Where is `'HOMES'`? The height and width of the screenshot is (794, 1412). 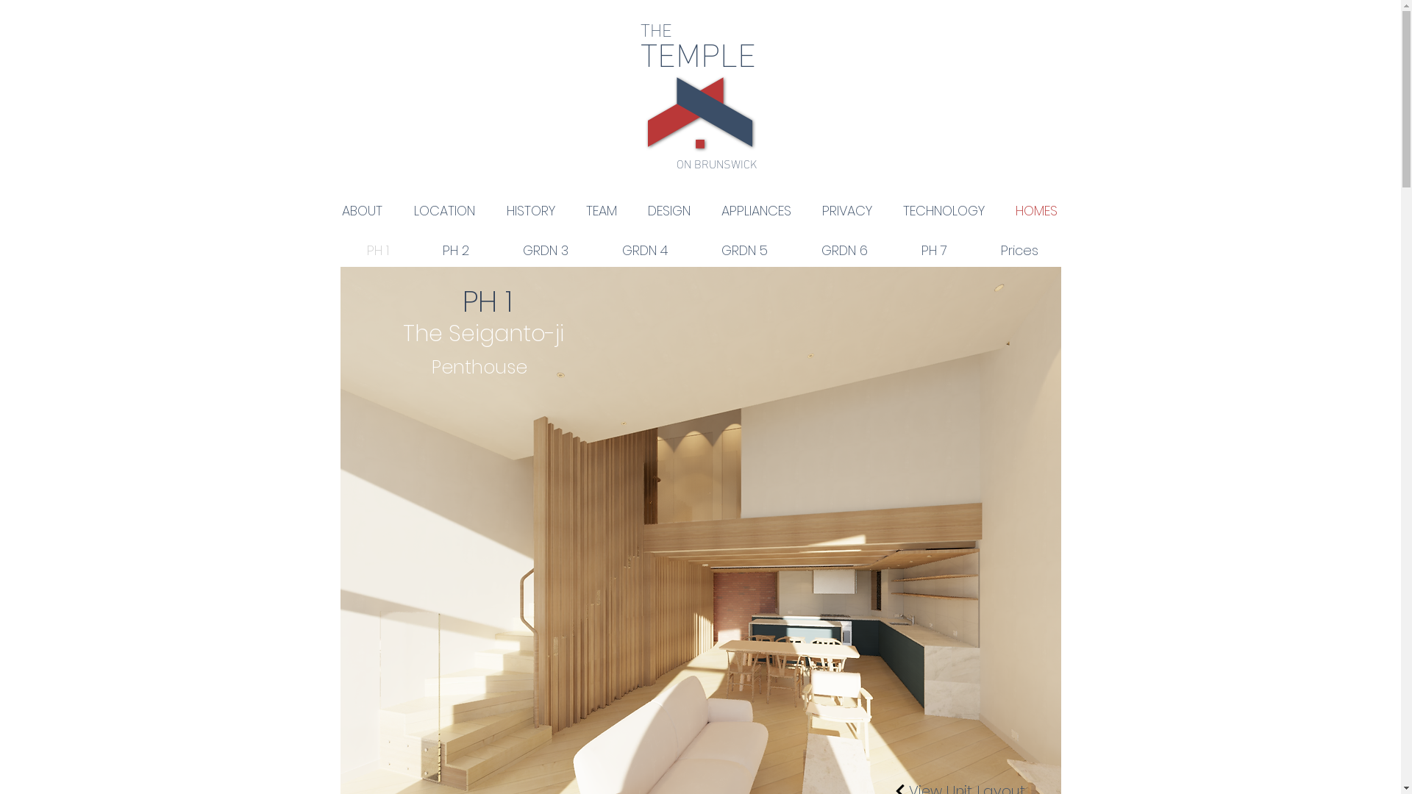
'HOMES' is located at coordinates (999, 210).